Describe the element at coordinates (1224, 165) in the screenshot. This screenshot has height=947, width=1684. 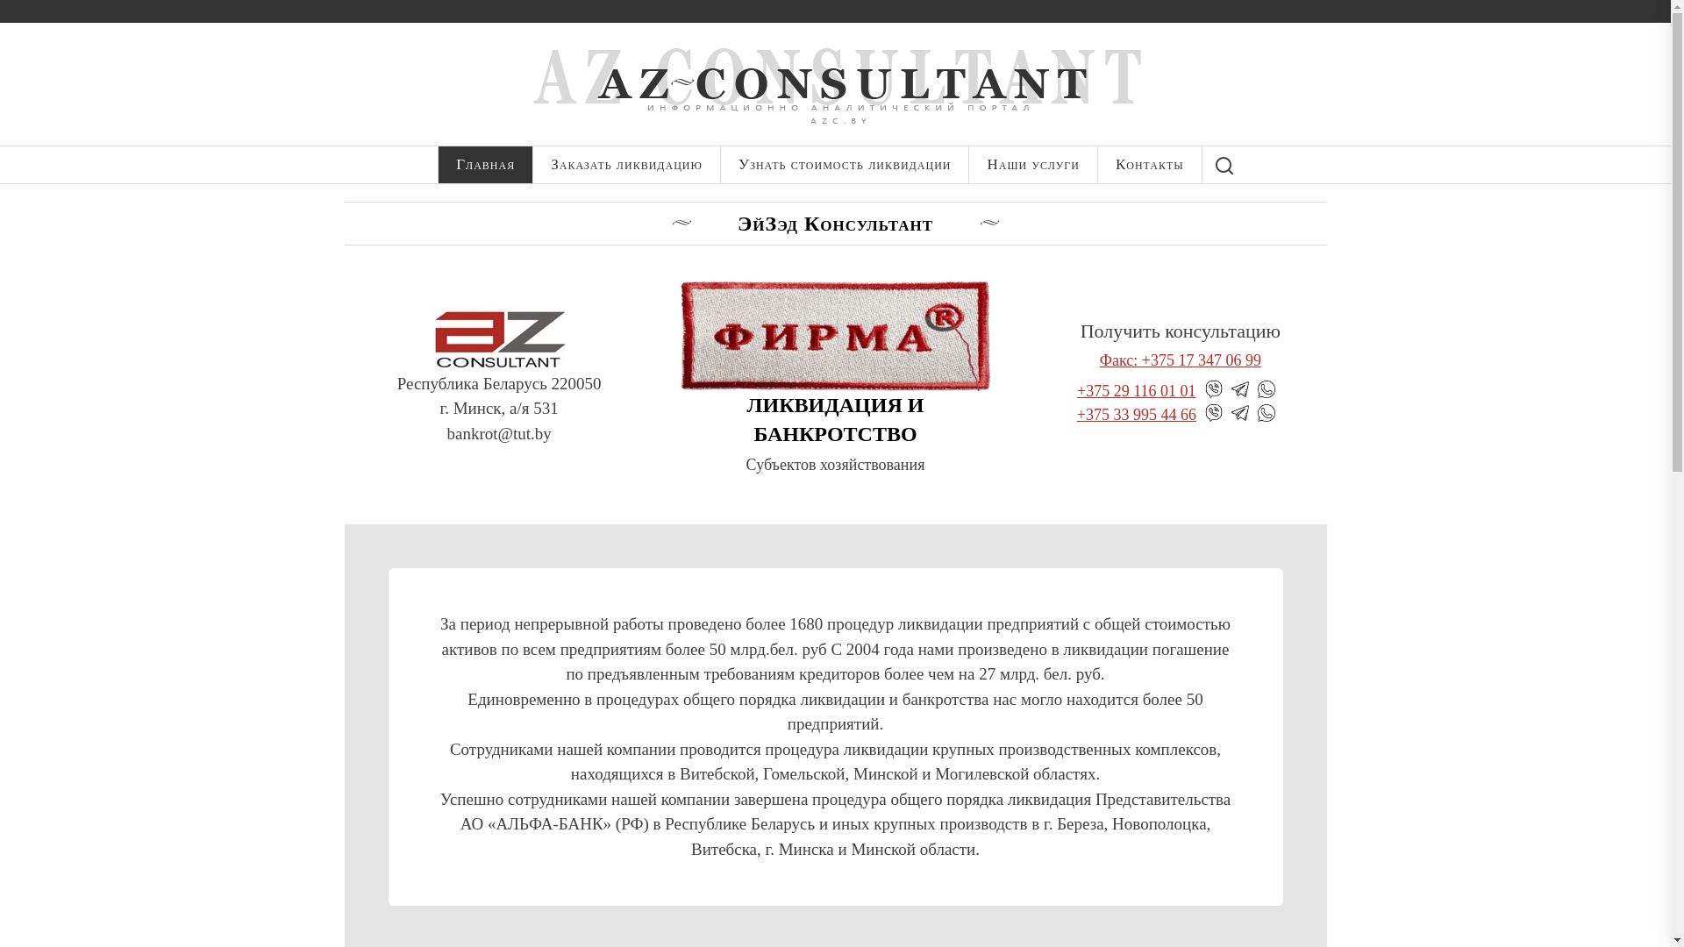
I see `'Search'` at that location.